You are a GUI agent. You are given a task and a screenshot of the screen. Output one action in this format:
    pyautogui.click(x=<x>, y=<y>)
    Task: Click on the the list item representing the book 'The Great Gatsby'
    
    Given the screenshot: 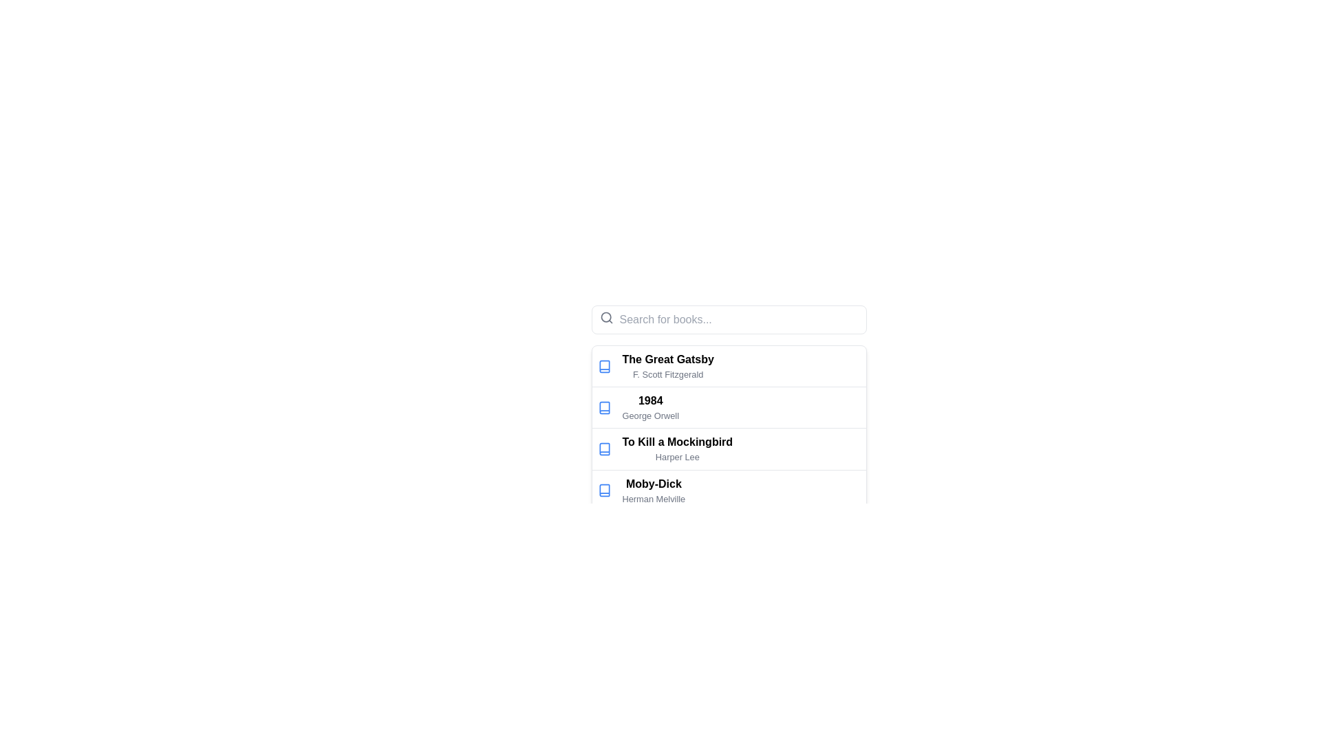 What is the action you would take?
    pyautogui.click(x=668, y=365)
    